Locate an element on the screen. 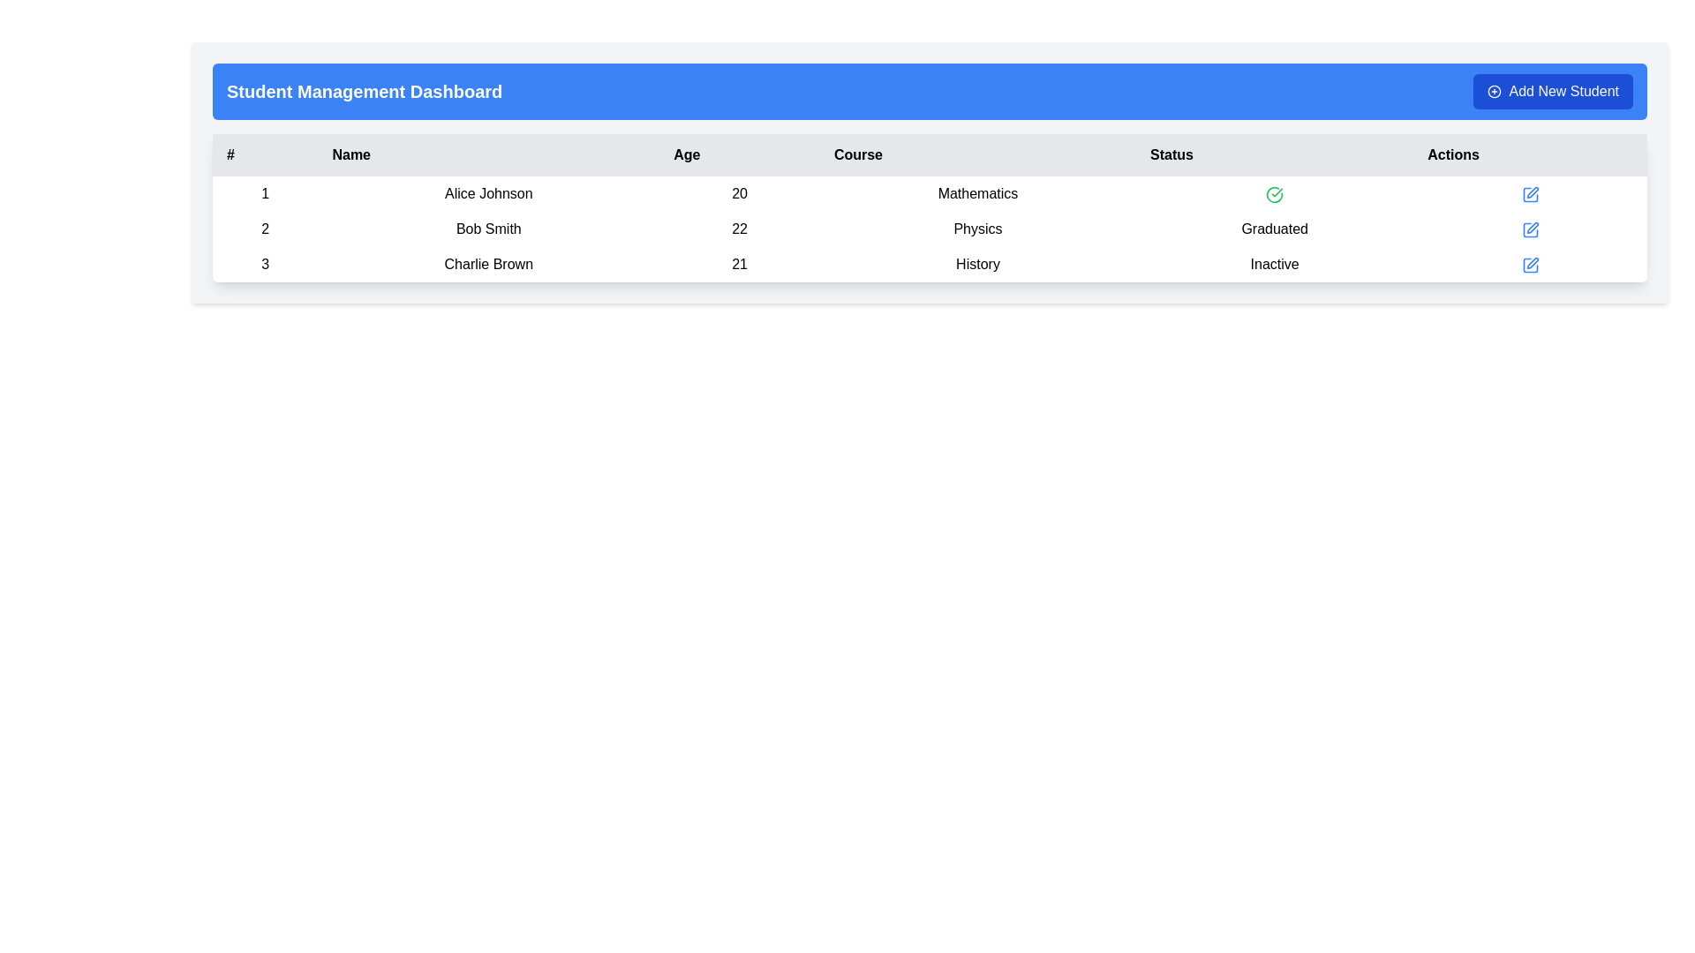  the text label in the first cell of the row containing 'Charlie Brown', which is the leftmost element under the header labeled '#' is located at coordinates (264, 265).